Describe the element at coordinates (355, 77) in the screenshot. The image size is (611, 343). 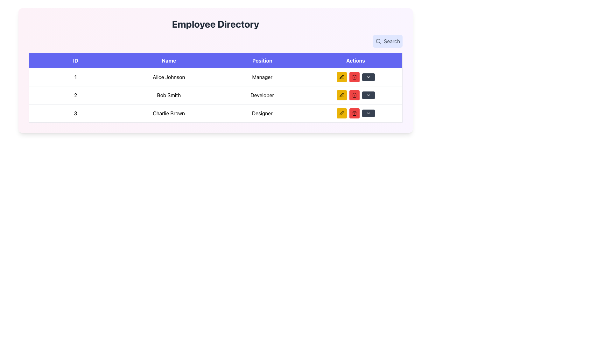
I see `the red rectangular button with rounded corners containing a trash can icon, located in the 'Actions' section of the row labeled 'Alice Johnson' and 'Manager'` at that location.